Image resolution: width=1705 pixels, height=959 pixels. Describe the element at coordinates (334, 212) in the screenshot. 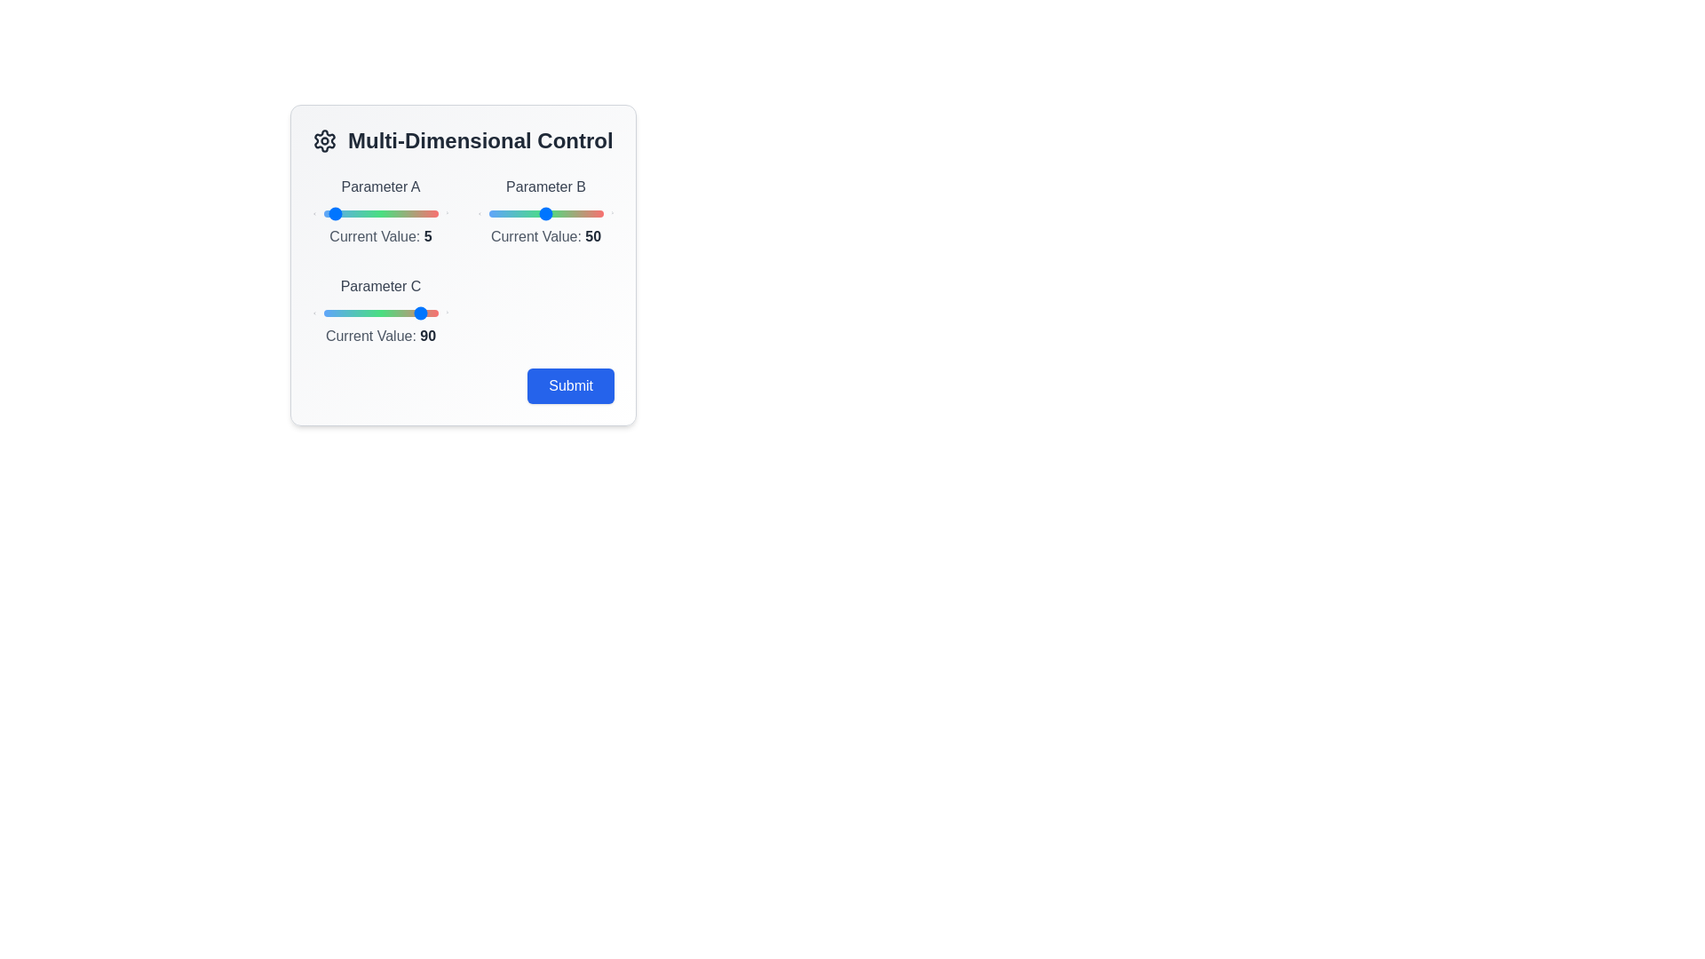

I see `the slider for Parameter A to 9` at that location.